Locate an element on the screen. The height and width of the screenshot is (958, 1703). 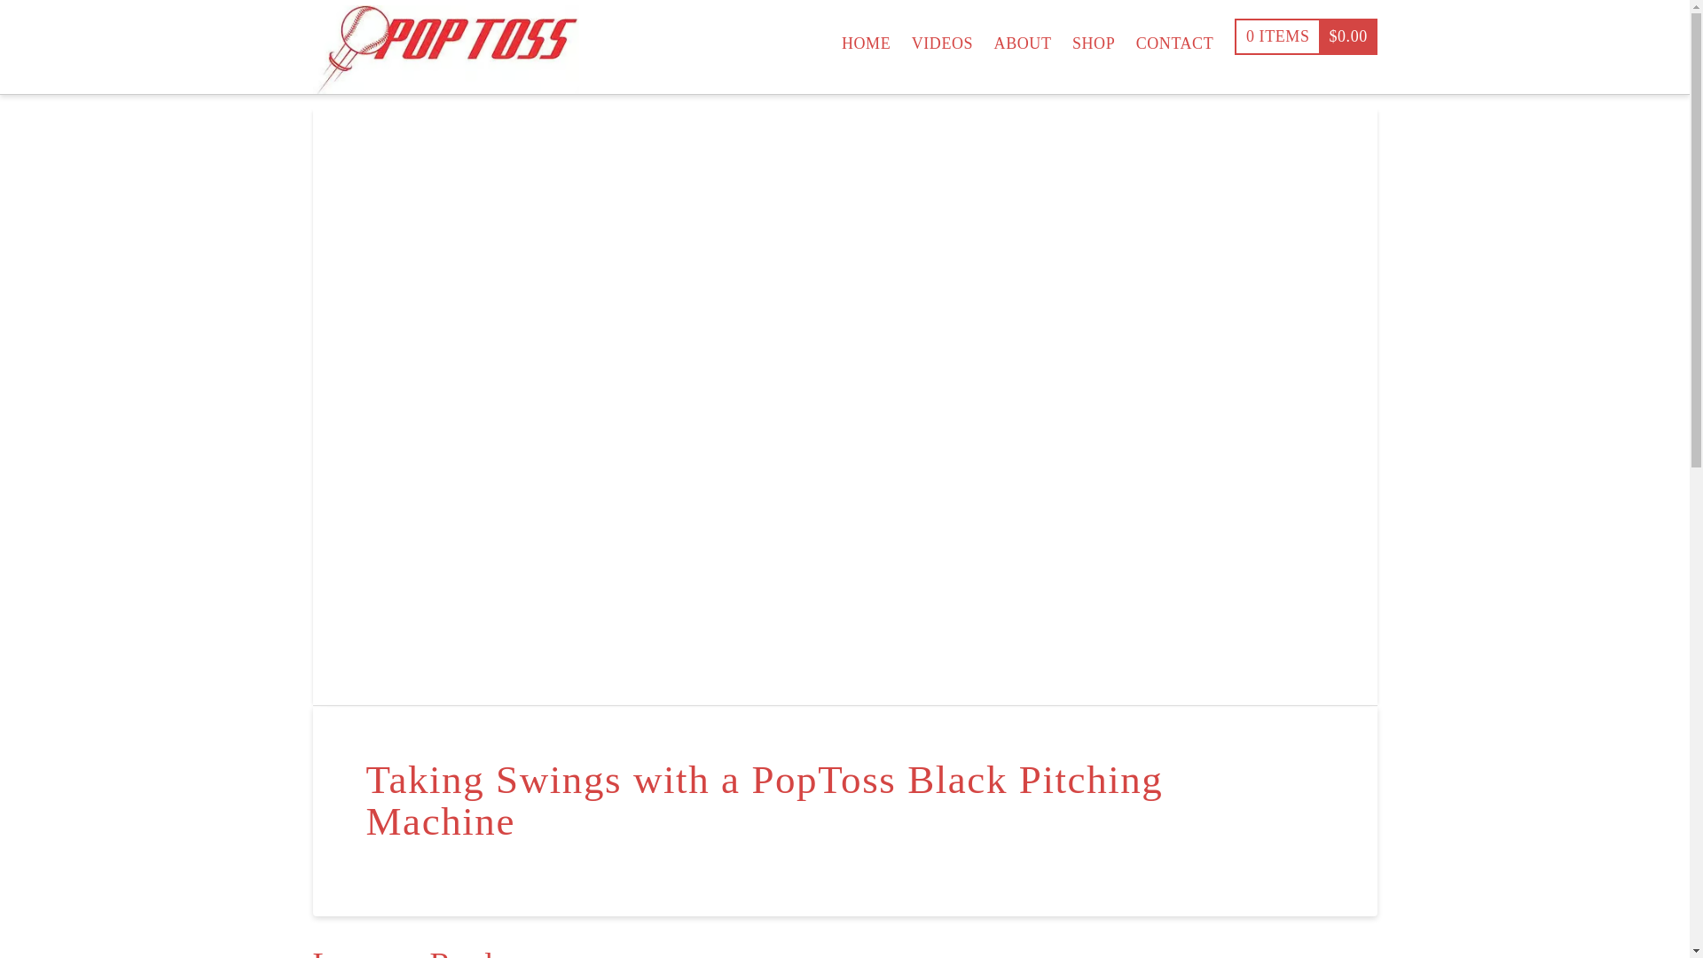
'SHOP' is located at coordinates (1093, 35).